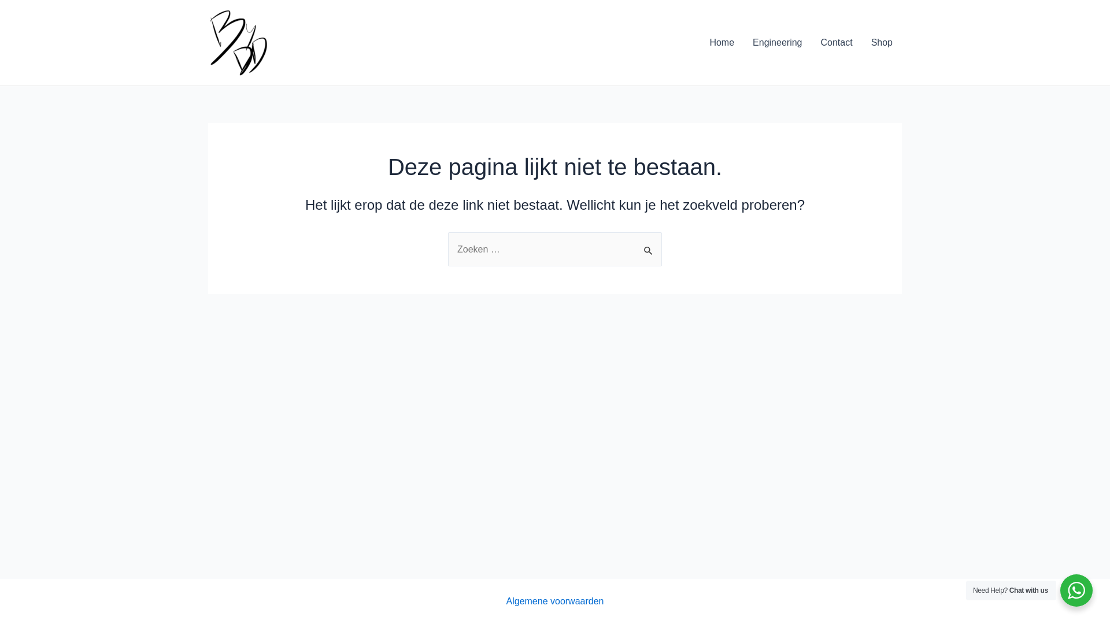 This screenshot has height=624, width=1110. Describe the element at coordinates (649, 244) in the screenshot. I see `'Zoeken'` at that location.